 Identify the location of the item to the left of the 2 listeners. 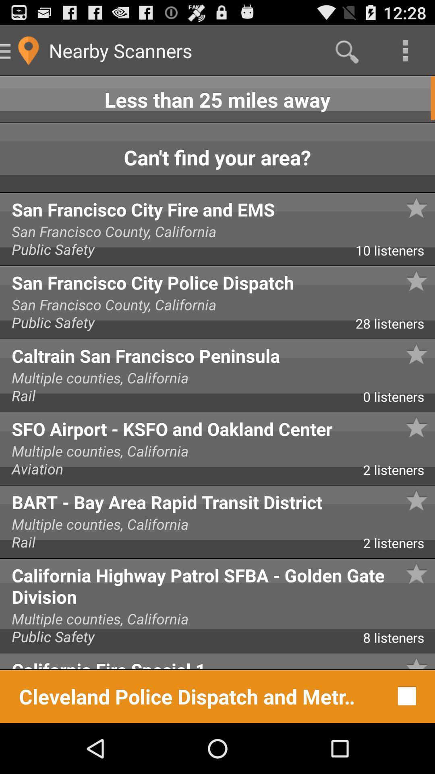
(181, 472).